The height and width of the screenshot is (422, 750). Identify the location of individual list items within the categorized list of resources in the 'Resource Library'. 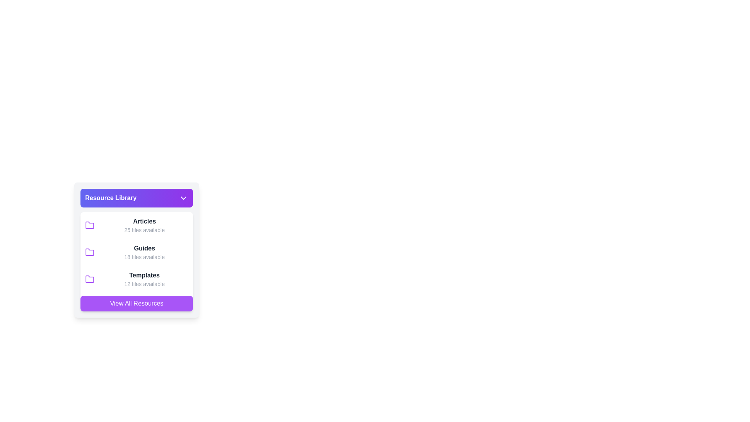
(137, 262).